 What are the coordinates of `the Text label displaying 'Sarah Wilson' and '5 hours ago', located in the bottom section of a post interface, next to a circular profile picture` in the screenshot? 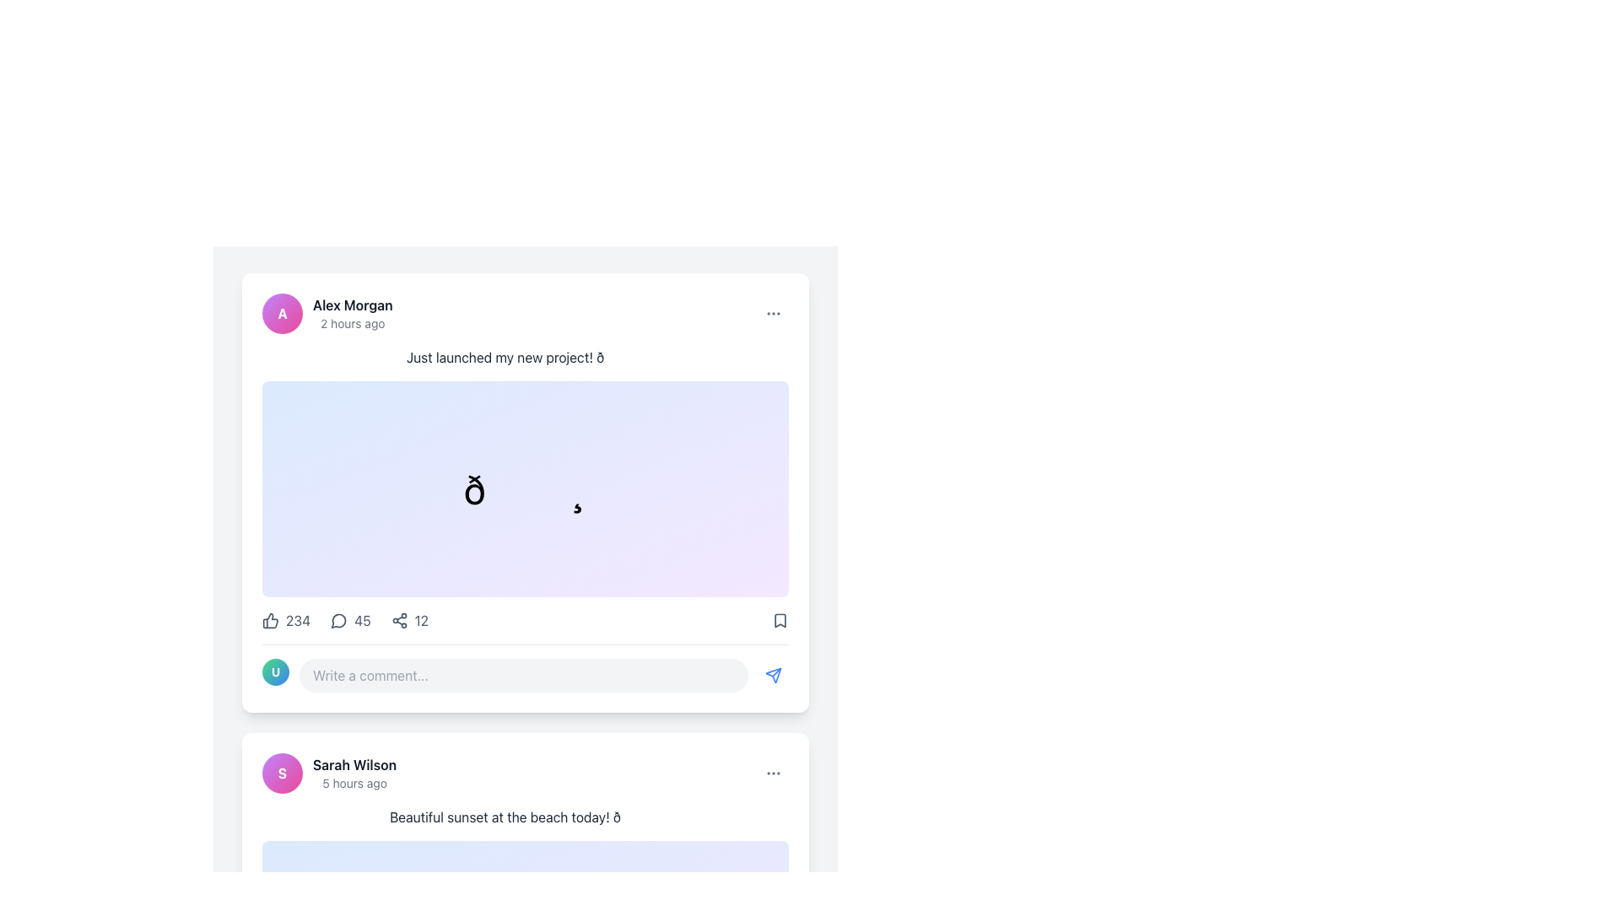 It's located at (354, 774).